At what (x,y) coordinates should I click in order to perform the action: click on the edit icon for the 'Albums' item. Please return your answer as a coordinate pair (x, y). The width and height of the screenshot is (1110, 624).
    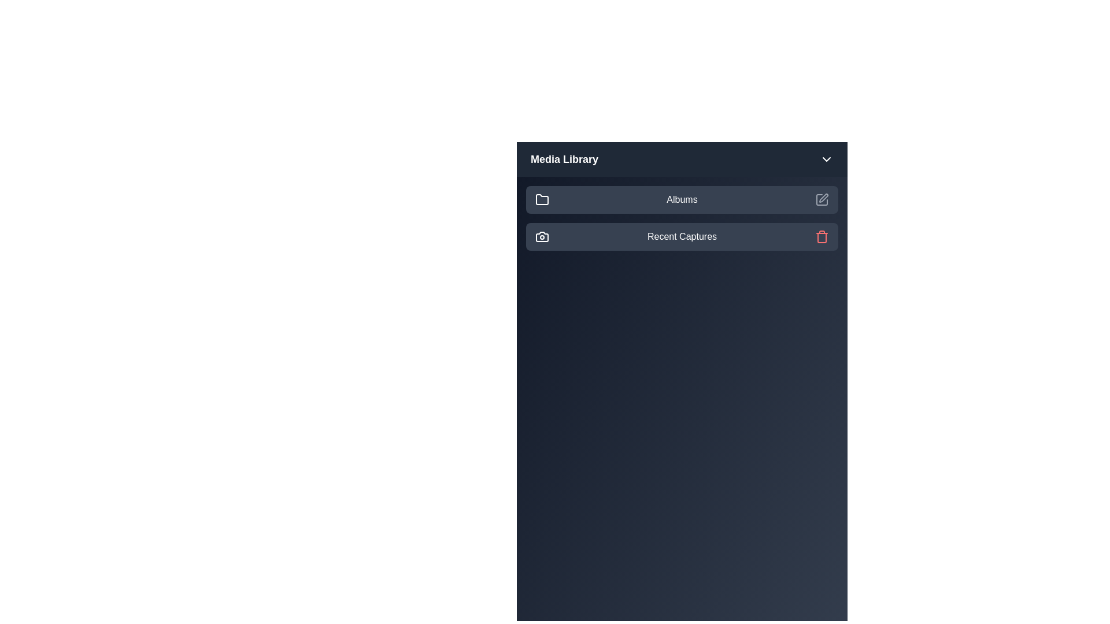
    Looking at the image, I should click on (821, 199).